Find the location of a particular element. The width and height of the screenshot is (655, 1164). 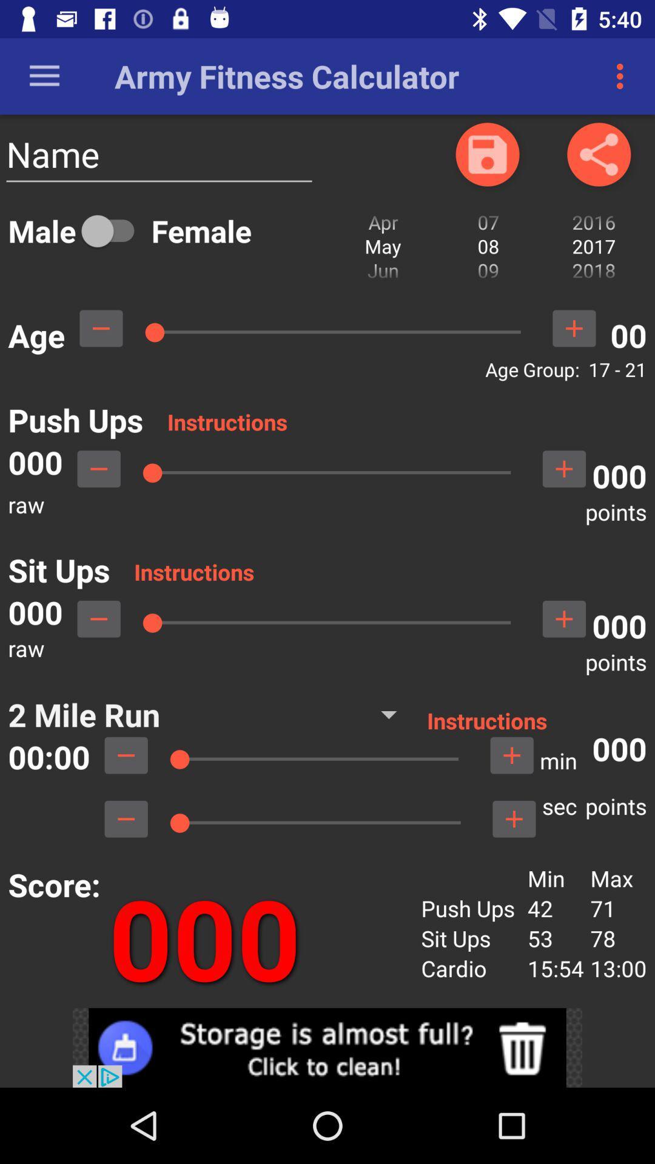

subrtact points is located at coordinates (98, 619).